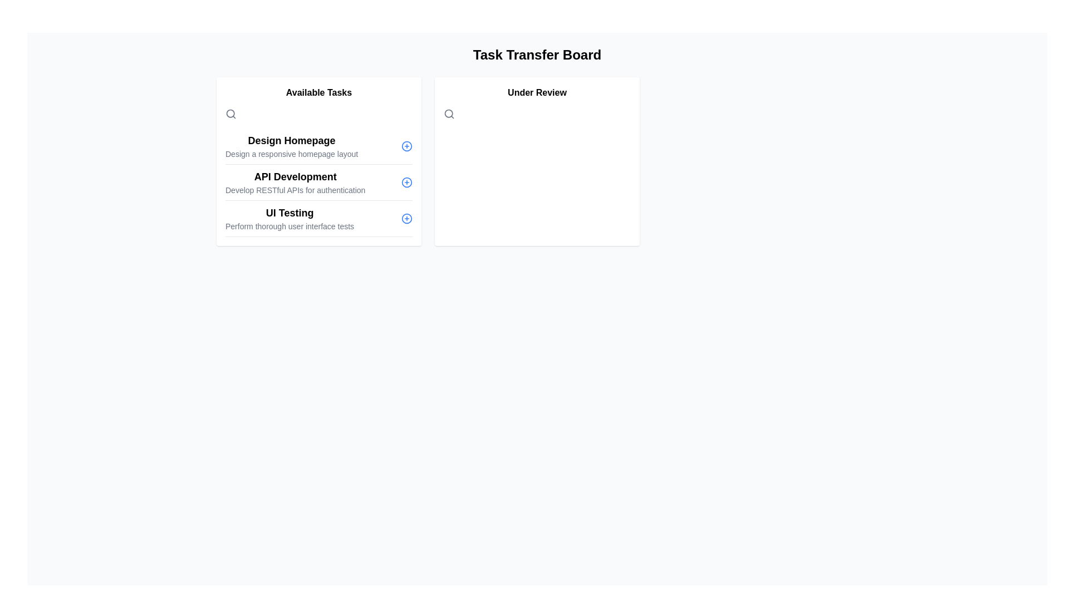  Describe the element at coordinates (406, 219) in the screenshot. I see `the circular blue button with a plus symbol located in the 'Available Tasks' section, aligned to the right of the 'UI Testing' item` at that location.